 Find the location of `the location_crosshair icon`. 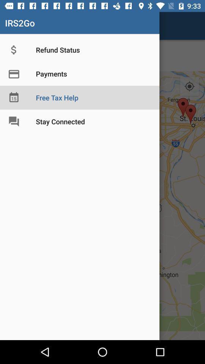

the location_crosshair icon is located at coordinates (189, 86).